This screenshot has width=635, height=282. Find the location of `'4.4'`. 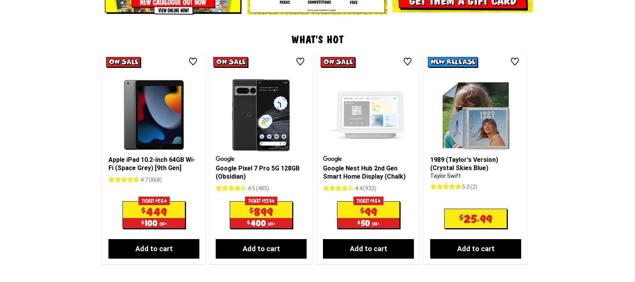

'4.4' is located at coordinates (358, 123).